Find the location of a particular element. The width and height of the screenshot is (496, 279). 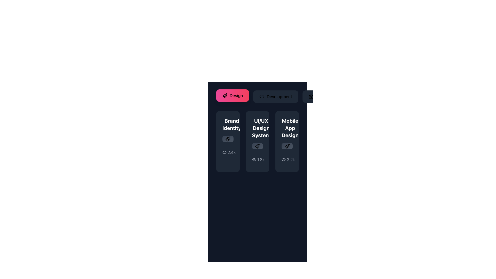

the view count indicator icon with the text '2.4k' located in the first card labeled 'Brand Identity' in the 'Design' section is located at coordinates (228, 152).